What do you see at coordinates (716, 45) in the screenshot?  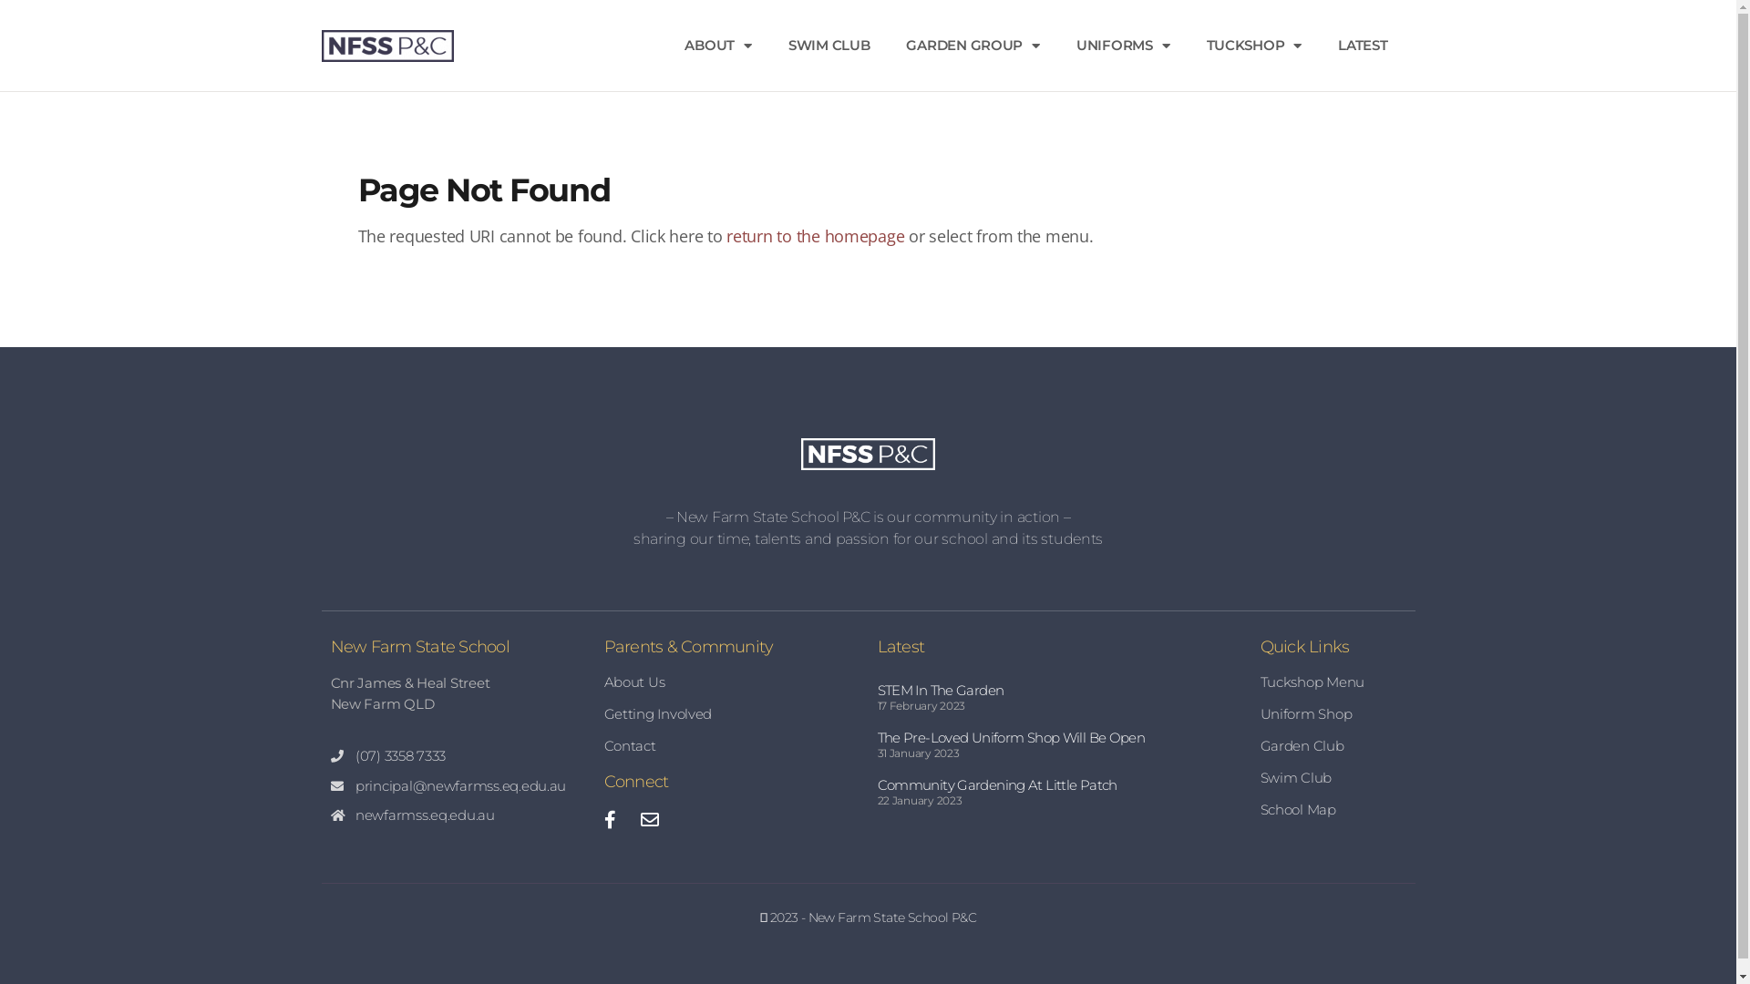 I see `'ABOUT'` at bounding box center [716, 45].